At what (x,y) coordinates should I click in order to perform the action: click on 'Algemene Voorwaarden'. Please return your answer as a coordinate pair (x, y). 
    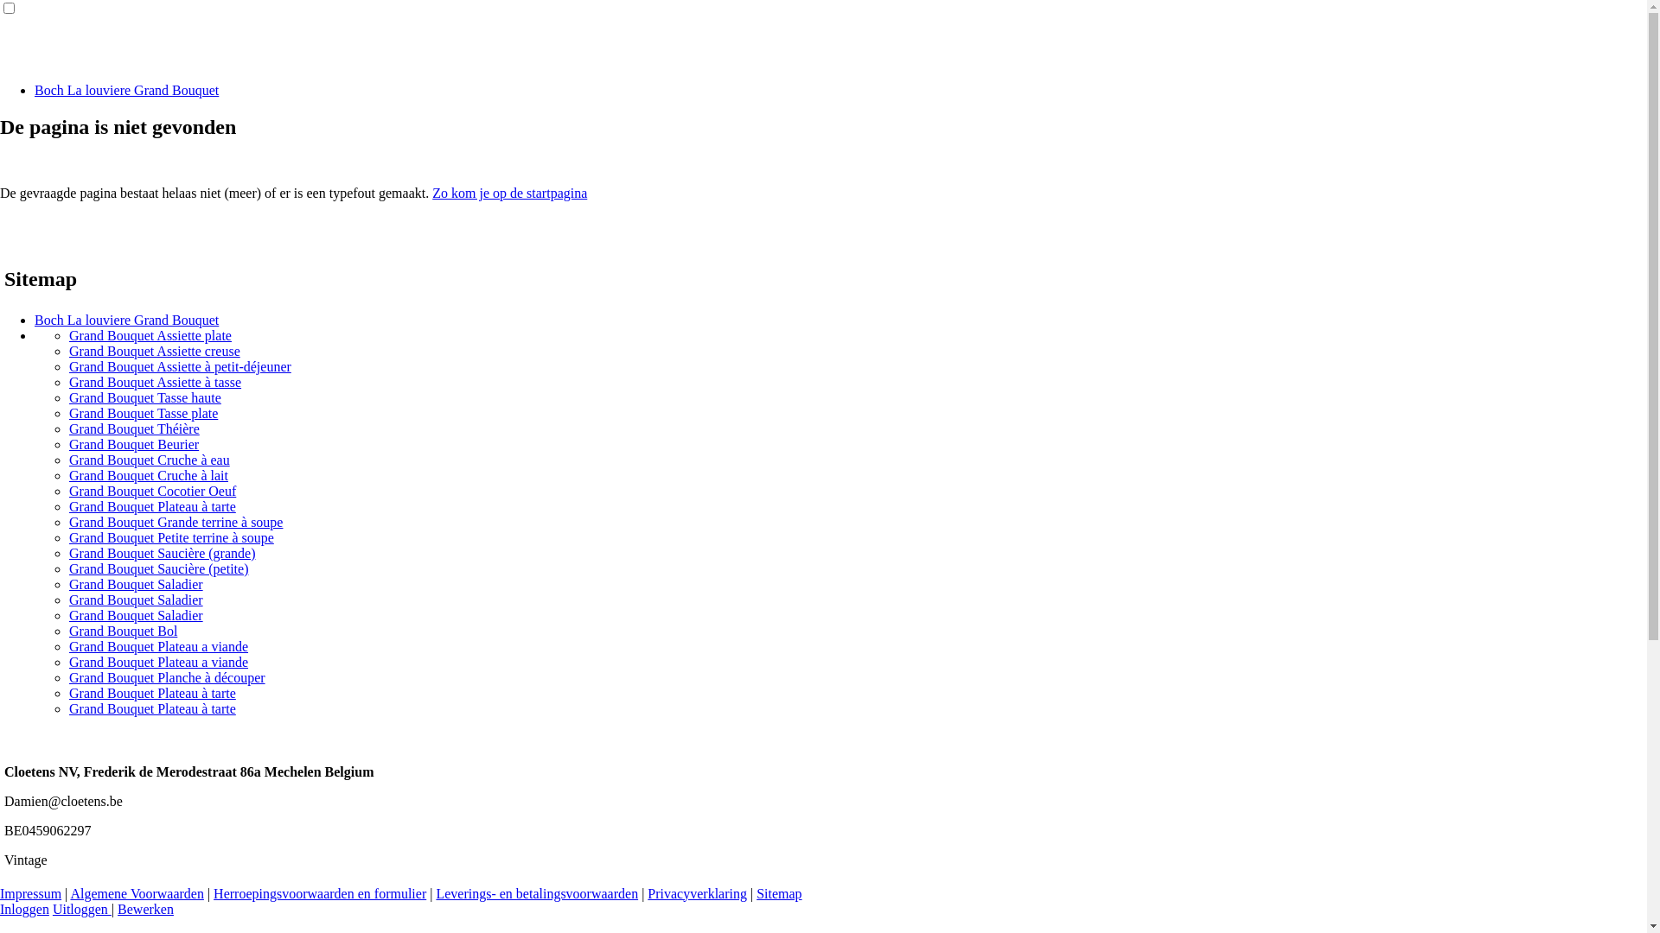
    Looking at the image, I should click on (136, 893).